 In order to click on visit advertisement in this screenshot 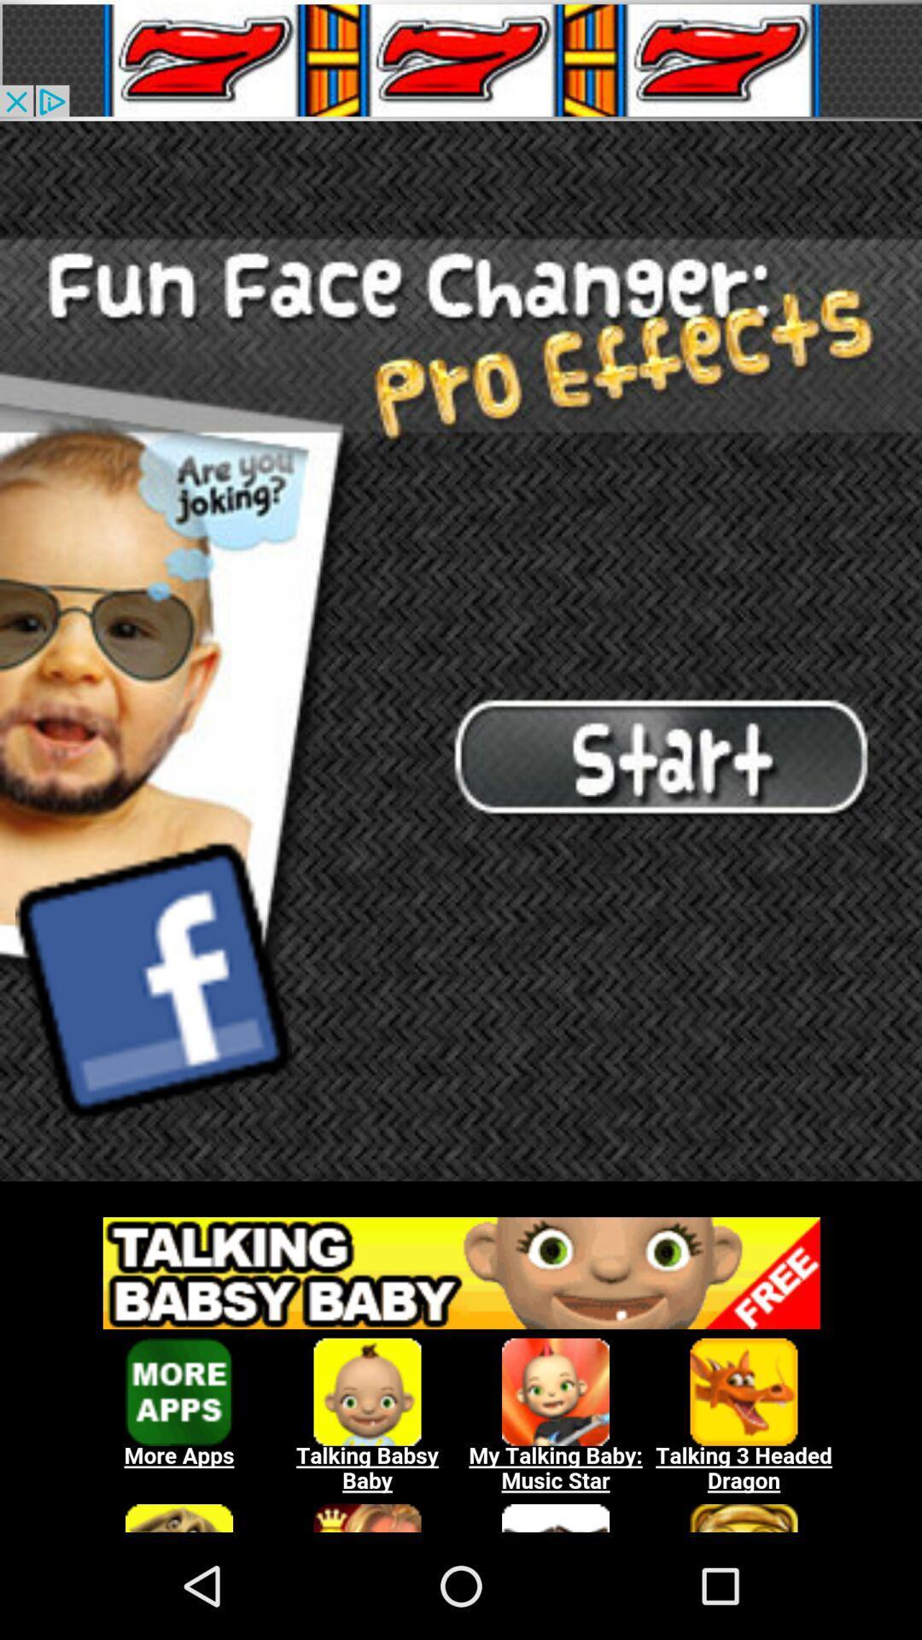, I will do `click(461, 1364)`.